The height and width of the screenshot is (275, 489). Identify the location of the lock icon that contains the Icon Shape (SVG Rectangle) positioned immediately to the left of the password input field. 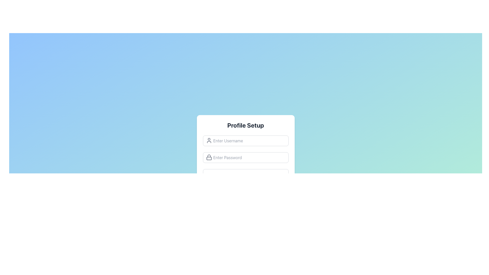
(209, 158).